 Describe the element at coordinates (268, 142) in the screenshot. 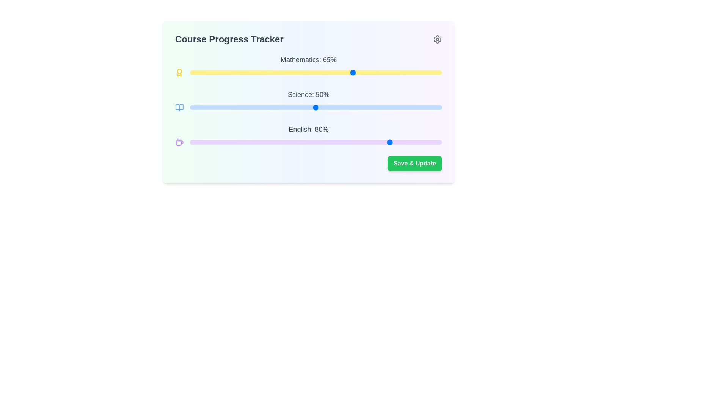

I see `the English progress` at that location.